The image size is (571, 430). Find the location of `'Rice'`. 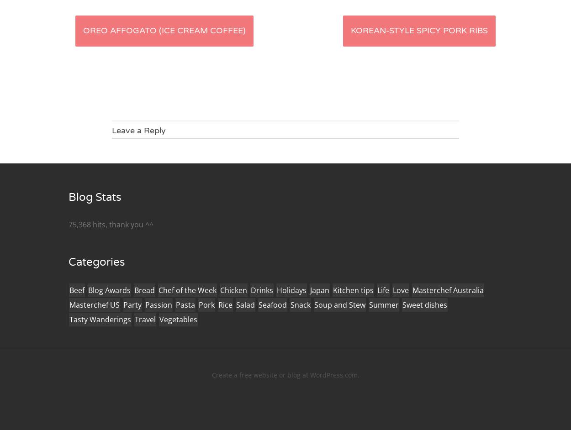

'Rice' is located at coordinates (225, 304).